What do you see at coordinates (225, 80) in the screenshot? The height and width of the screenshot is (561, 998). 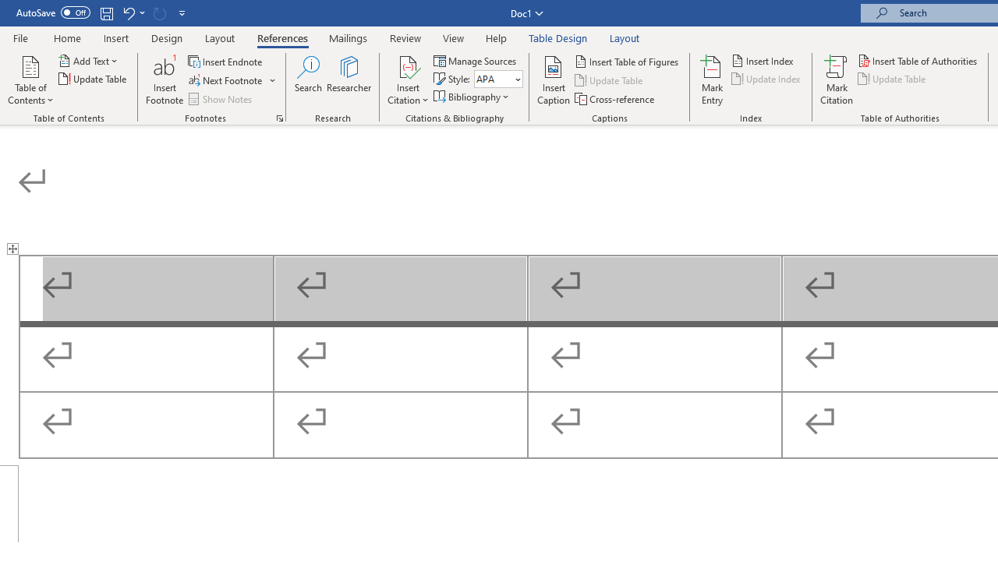 I see `'Next Footnote'` at bounding box center [225, 80].